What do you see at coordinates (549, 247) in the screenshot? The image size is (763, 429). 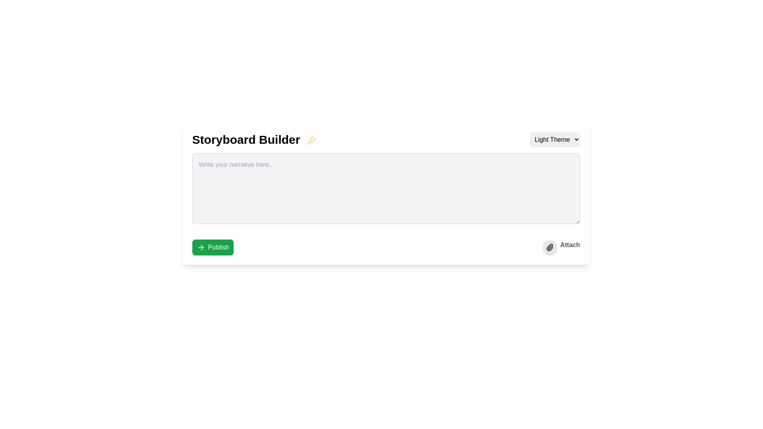 I see `the paperclip icon located within the circular button at the bottom-right corner of the interactive area` at bounding box center [549, 247].